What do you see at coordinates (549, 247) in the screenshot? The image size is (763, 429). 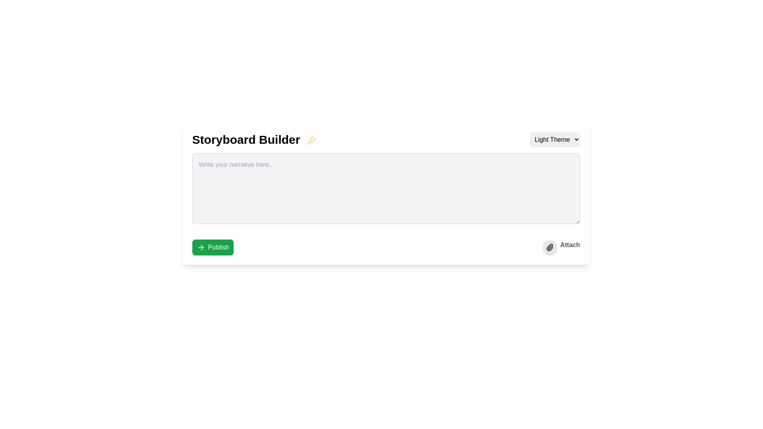 I see `the paperclip icon located within the circular button at the bottom-right corner of the interactive area` at bounding box center [549, 247].